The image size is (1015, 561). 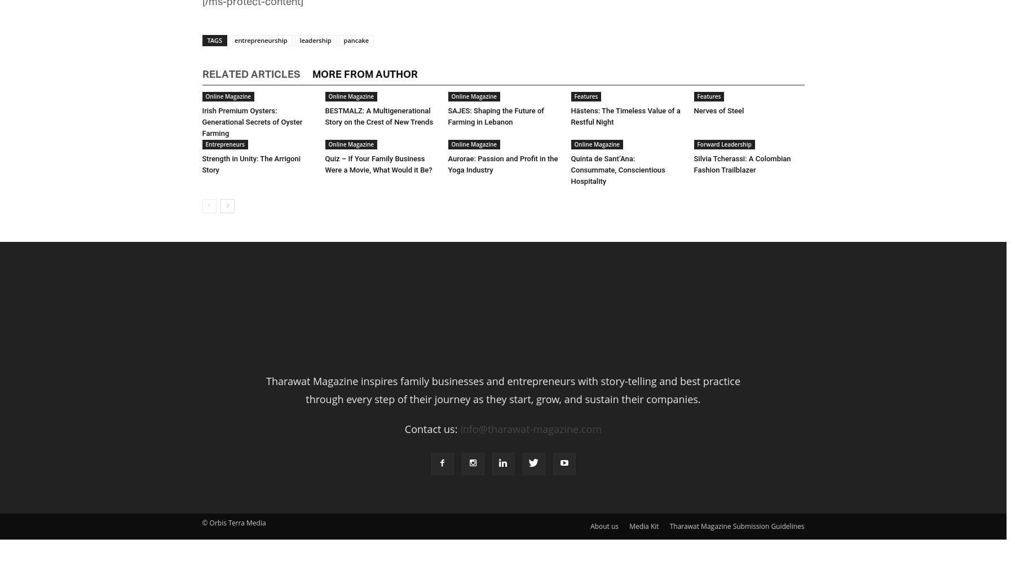 I want to click on 'info@tharawat-magazine.com', so click(x=530, y=427).